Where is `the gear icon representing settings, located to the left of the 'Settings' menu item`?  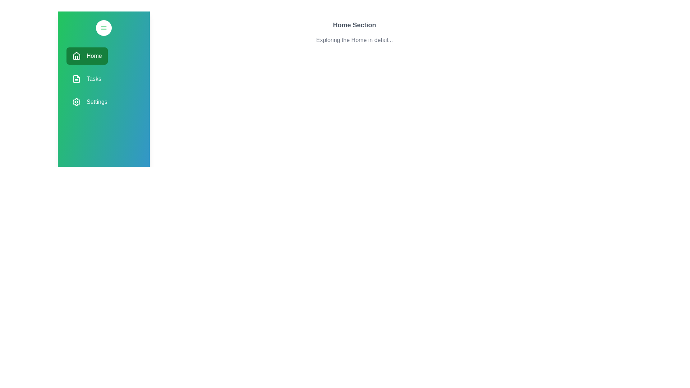 the gear icon representing settings, located to the left of the 'Settings' menu item is located at coordinates (76, 102).